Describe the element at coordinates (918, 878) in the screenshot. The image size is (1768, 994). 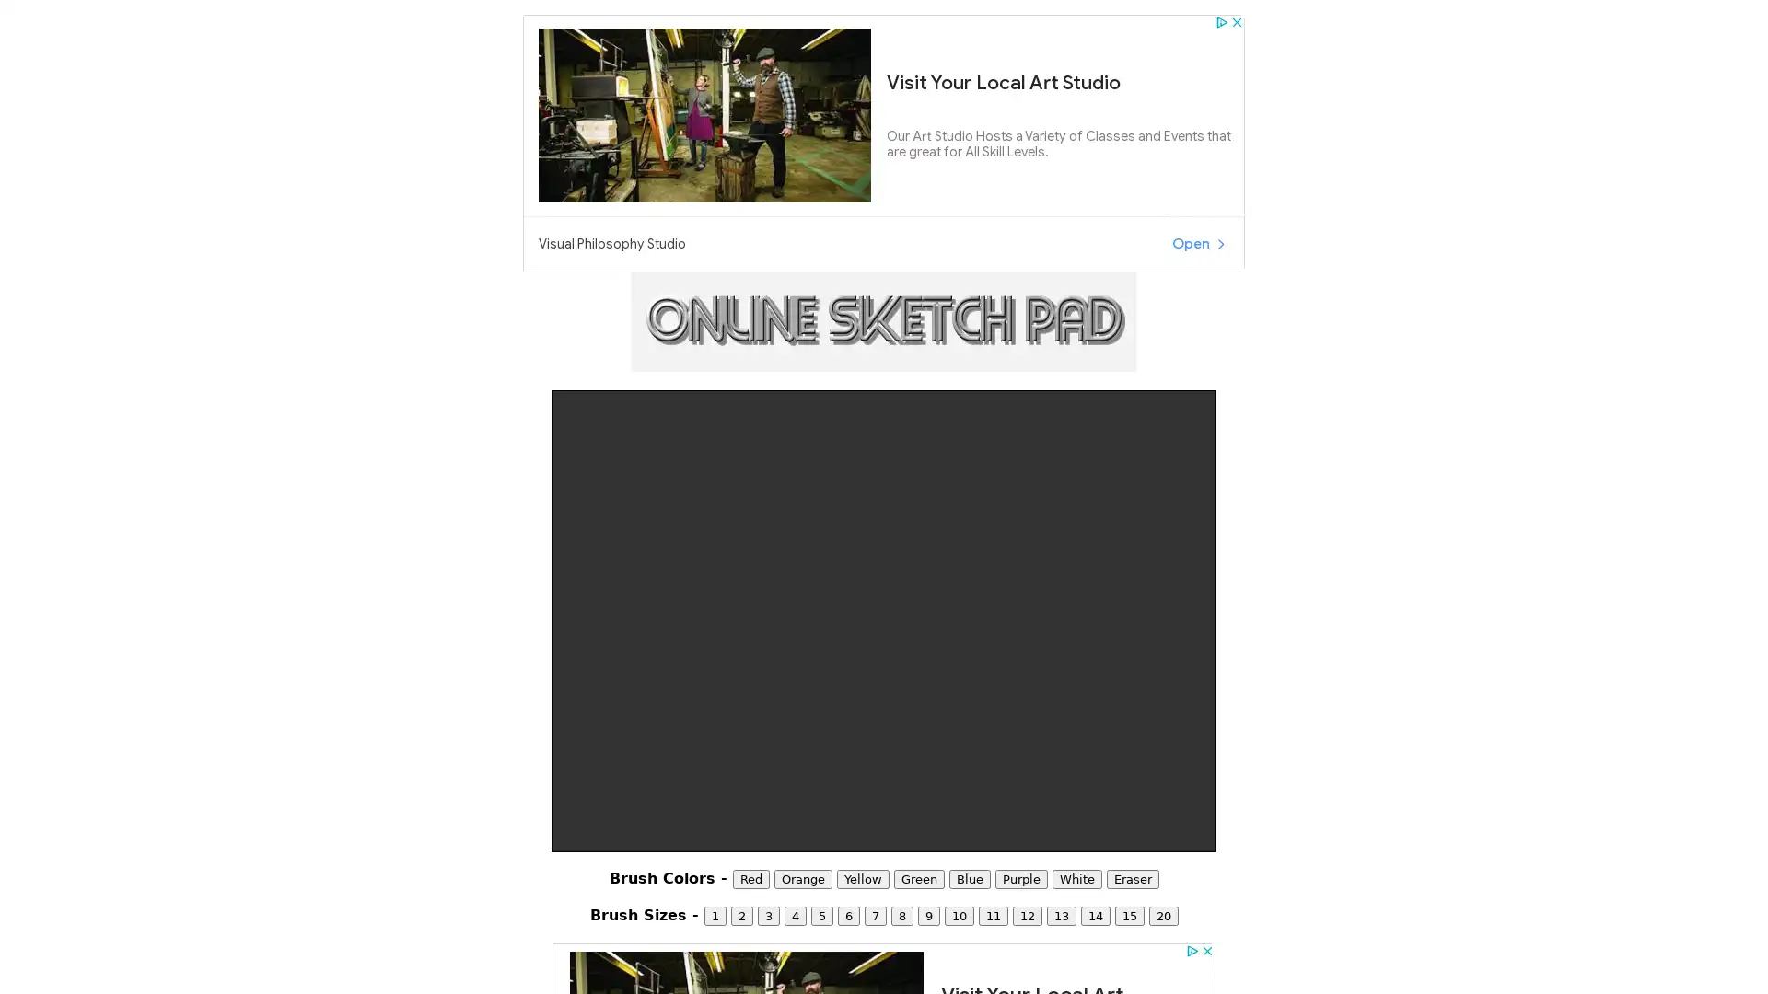
I see `Green` at that location.